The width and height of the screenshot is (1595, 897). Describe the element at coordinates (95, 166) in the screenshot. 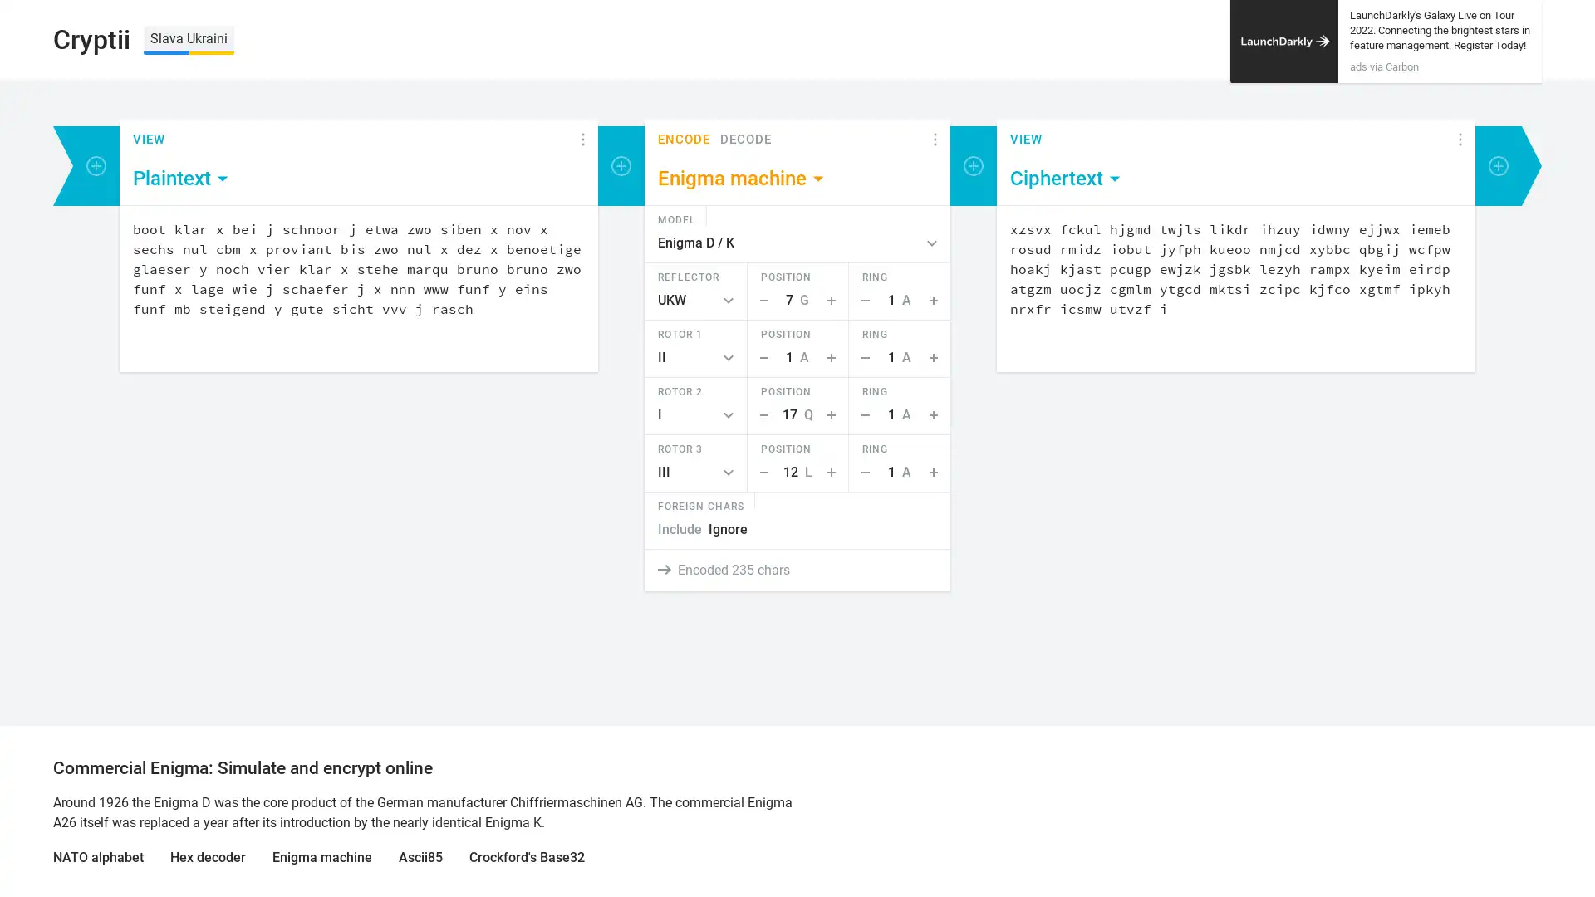

I see `Add encoder or viewer` at that location.